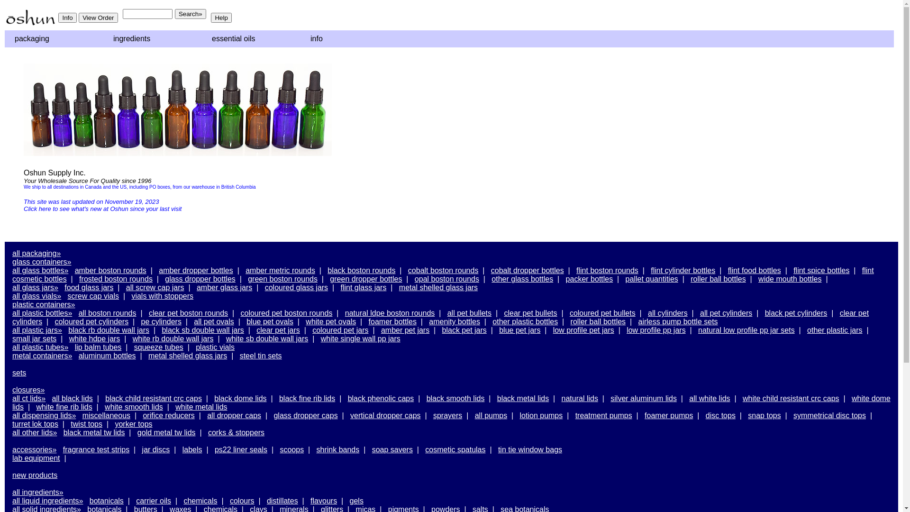 Image resolution: width=910 pixels, height=512 pixels. What do you see at coordinates (155, 287) in the screenshot?
I see `'all screw cap jars'` at bounding box center [155, 287].